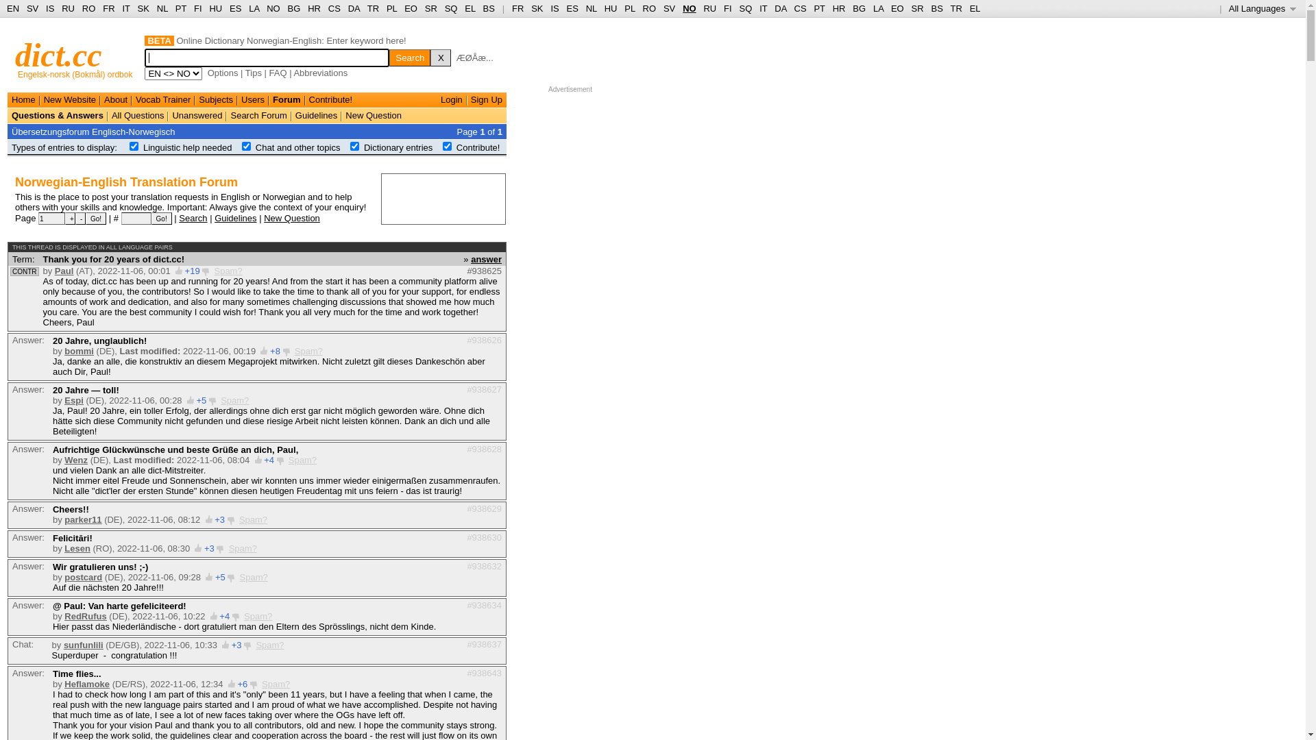 The width and height of the screenshot is (1316, 740). I want to click on 'Chat and other topics', so click(297, 147).